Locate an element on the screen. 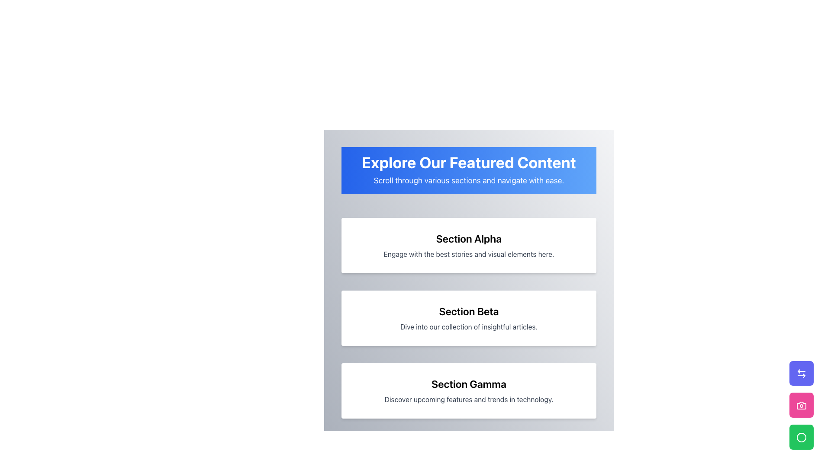 The width and height of the screenshot is (831, 467). the topmost button with a deep indigo-blue background and a white bidirectional arrow icon is located at coordinates (801, 373).